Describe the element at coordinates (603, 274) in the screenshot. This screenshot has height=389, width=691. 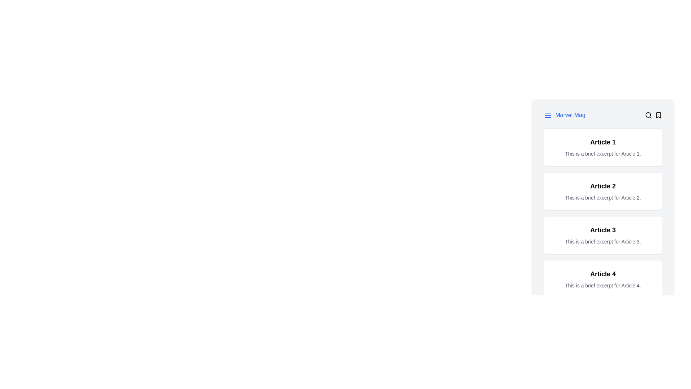
I see `text 'Article 4' from the heading in the fourth card-like layout group located near the bottom of the visible list` at that location.